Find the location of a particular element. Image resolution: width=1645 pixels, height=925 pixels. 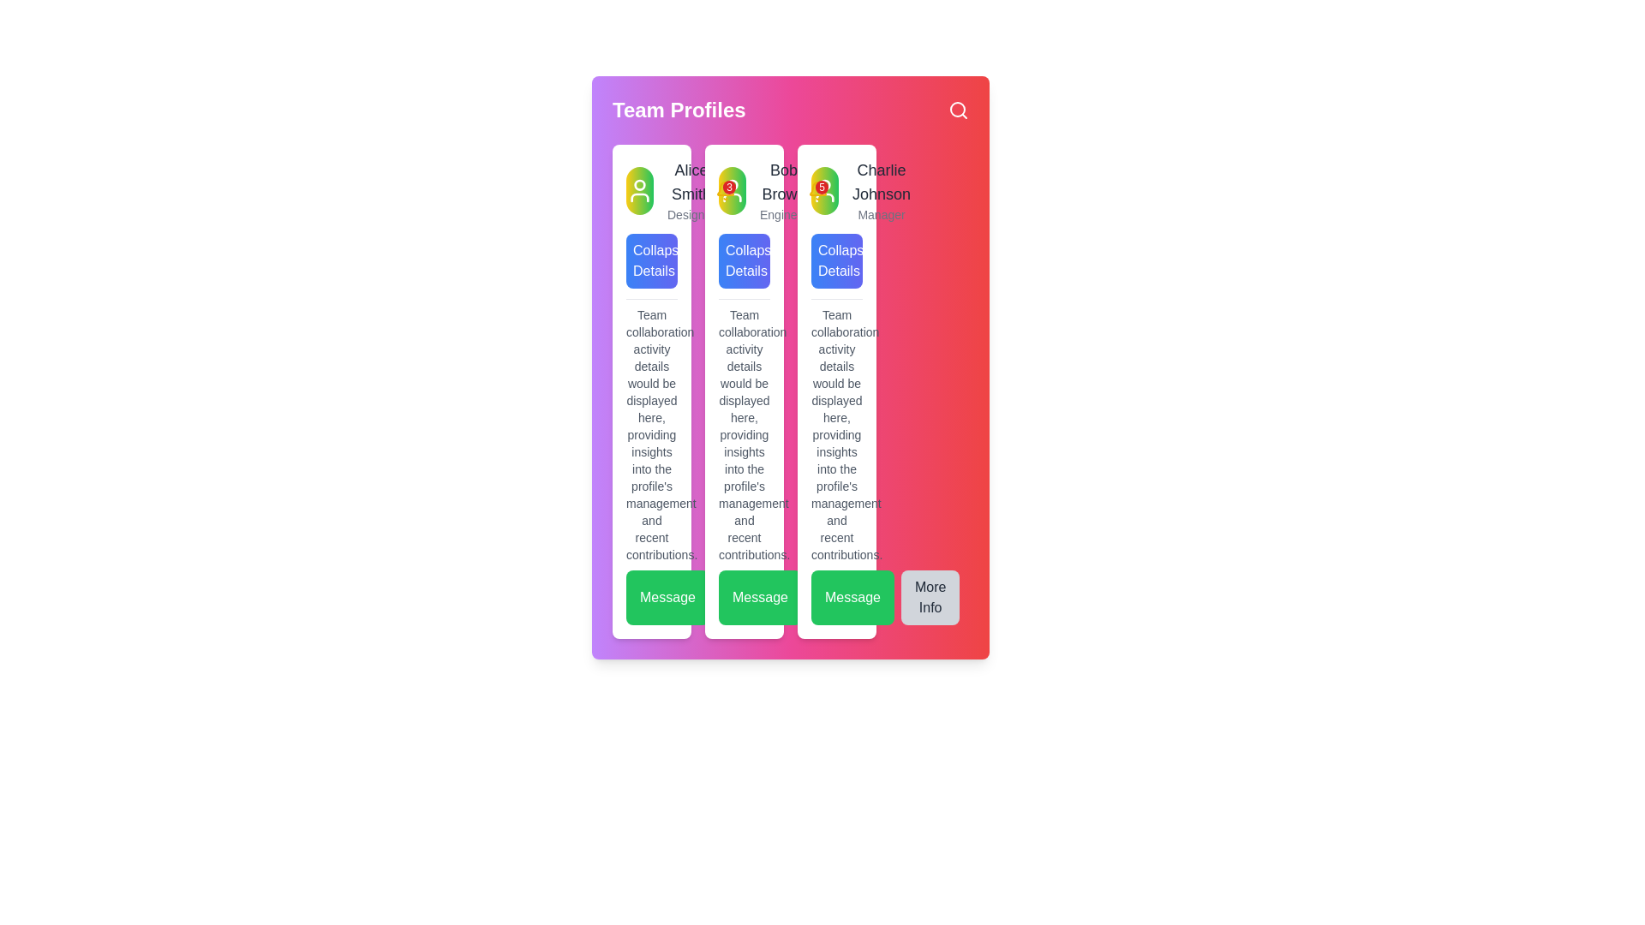

text label displaying the word 'Engineer' in a small-sized gray font, located under the name 'Bob Brown' in the middle column of the profile cards is located at coordinates (783, 213).